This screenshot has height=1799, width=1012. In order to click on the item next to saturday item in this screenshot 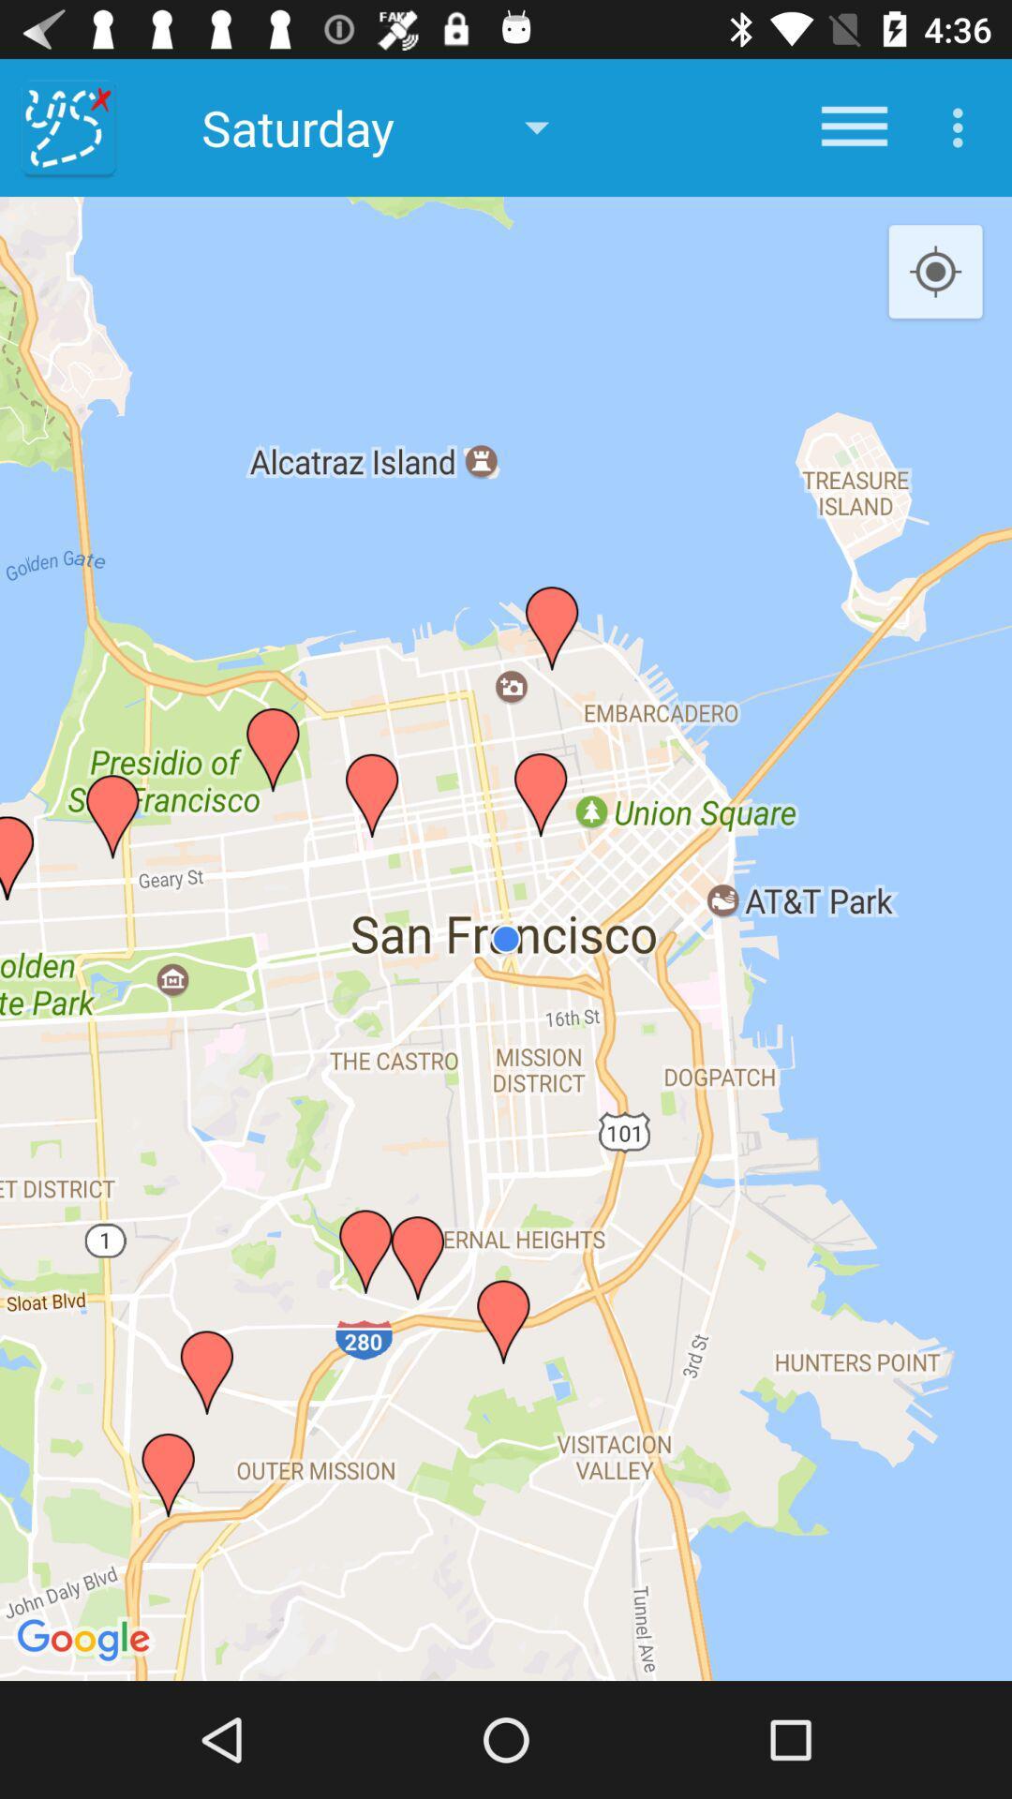, I will do `click(67, 126)`.